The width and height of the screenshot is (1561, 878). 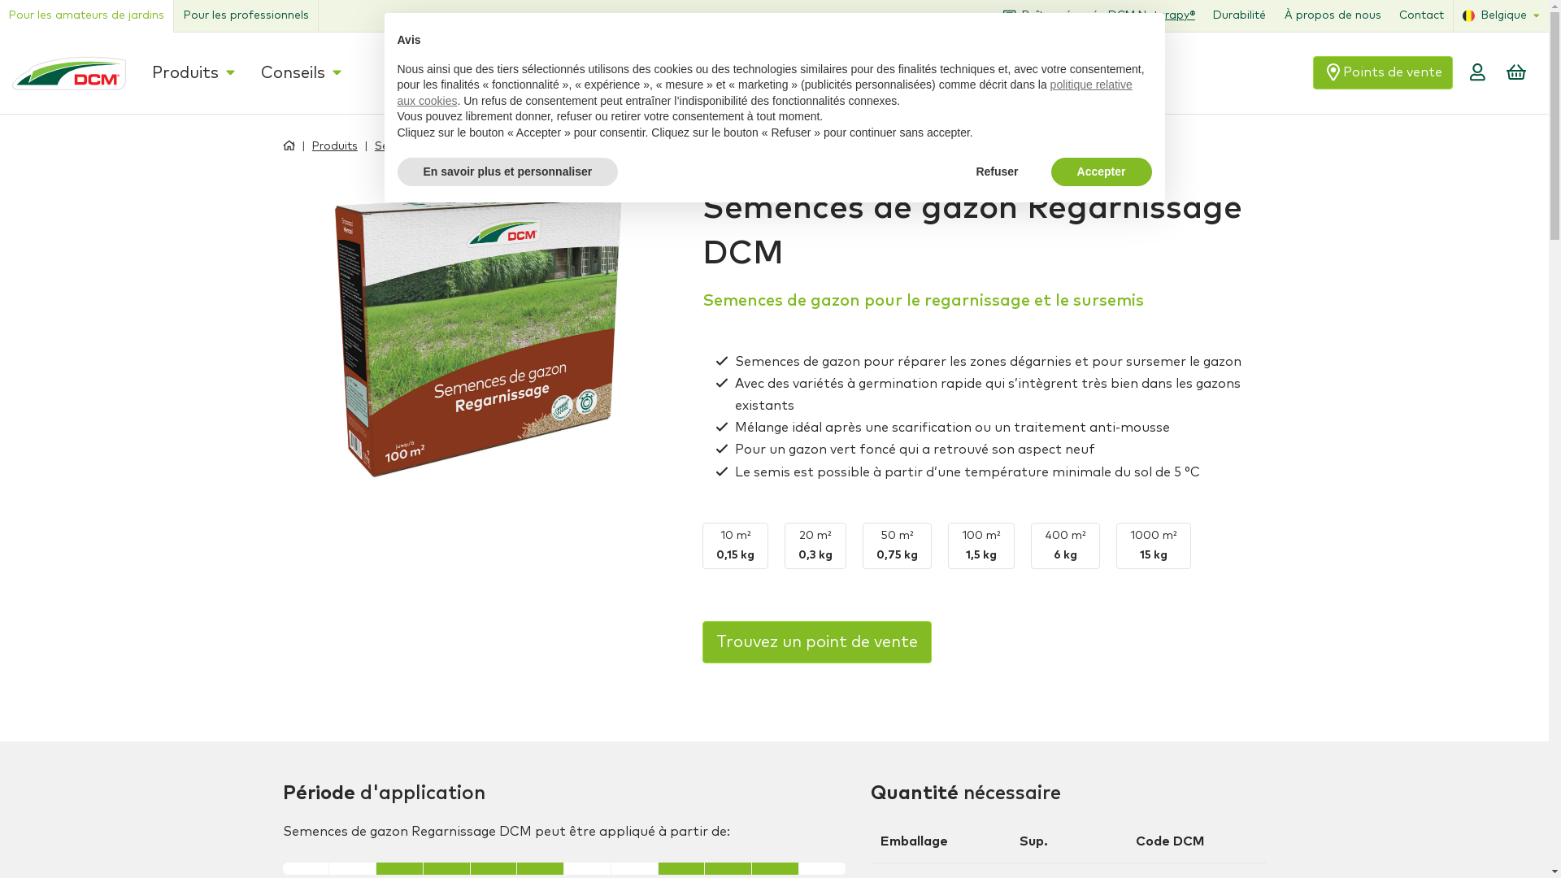 What do you see at coordinates (281, 72) in the screenshot?
I see `'Conseils'` at bounding box center [281, 72].